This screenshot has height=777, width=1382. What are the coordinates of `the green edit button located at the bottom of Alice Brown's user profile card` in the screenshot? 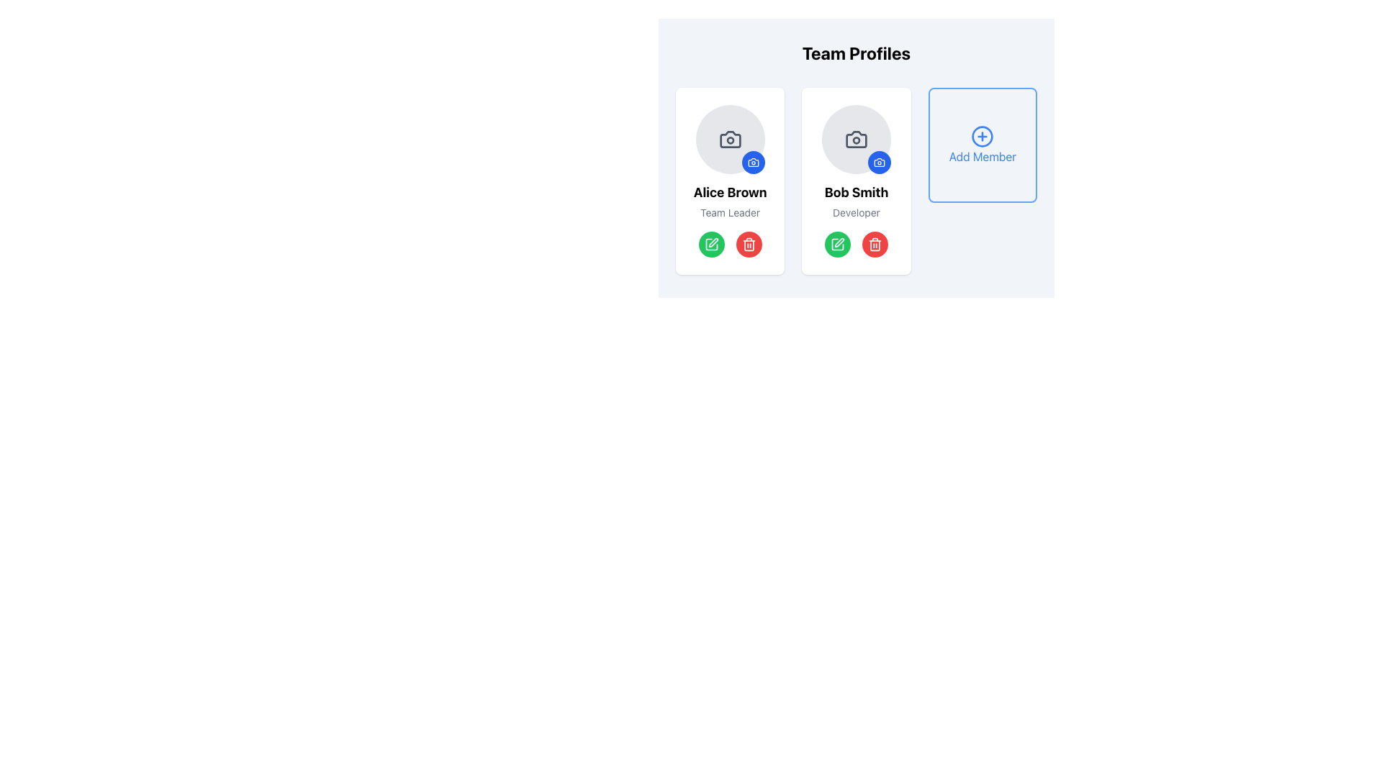 It's located at (730, 243).